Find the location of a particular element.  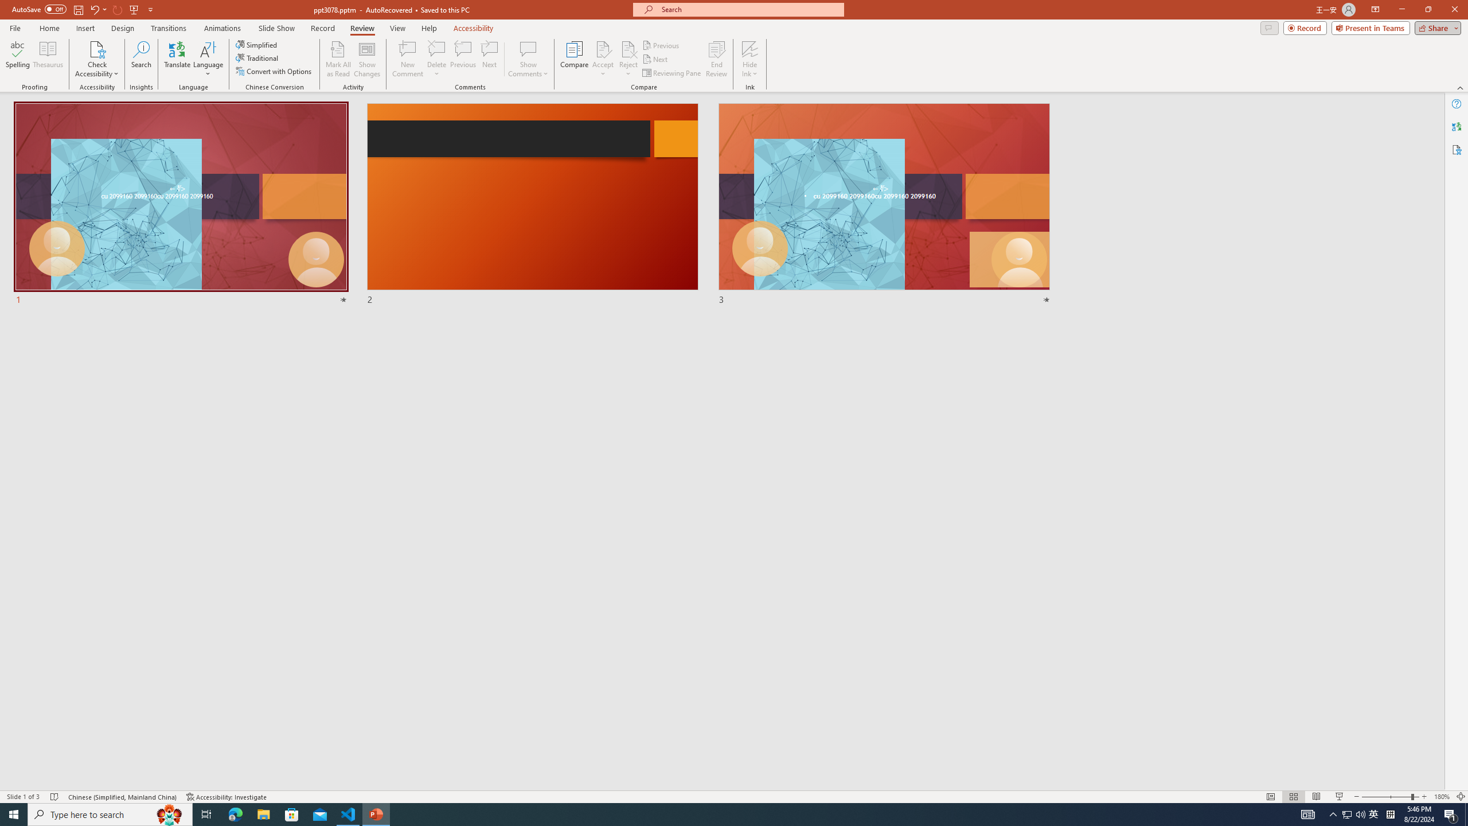

'Undo' is located at coordinates (93, 9).